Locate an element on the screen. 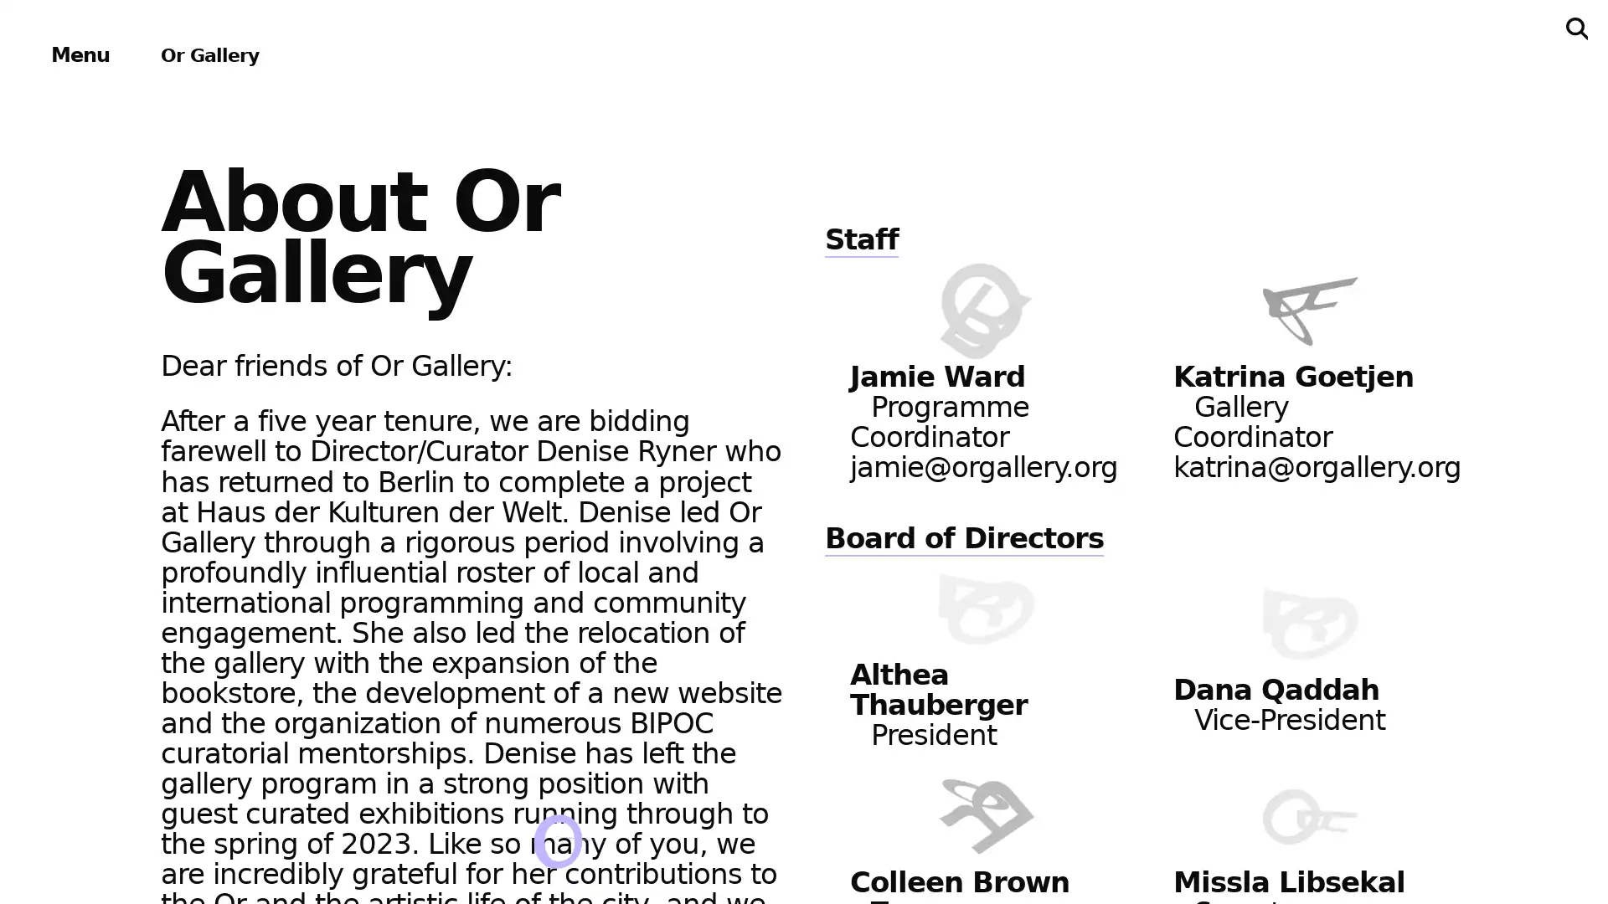 The image size is (1608, 904). About is located at coordinates (363, 664).